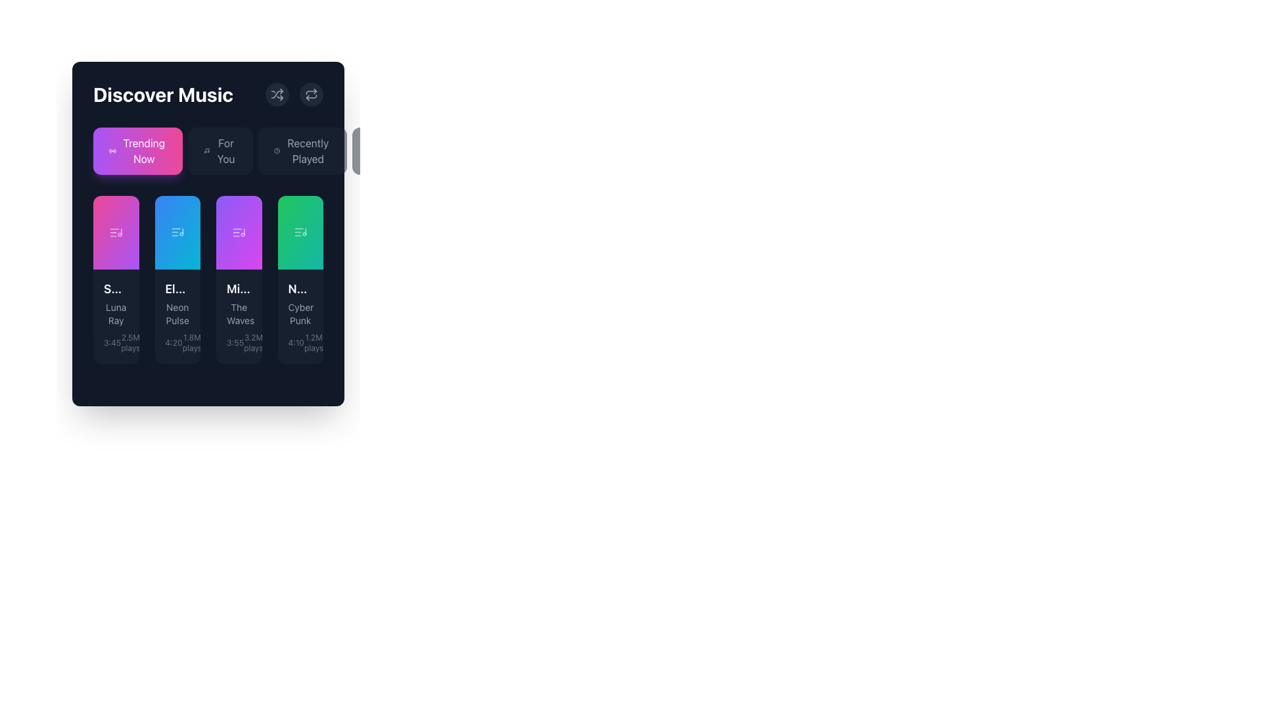  I want to click on the button, so click(311, 93).